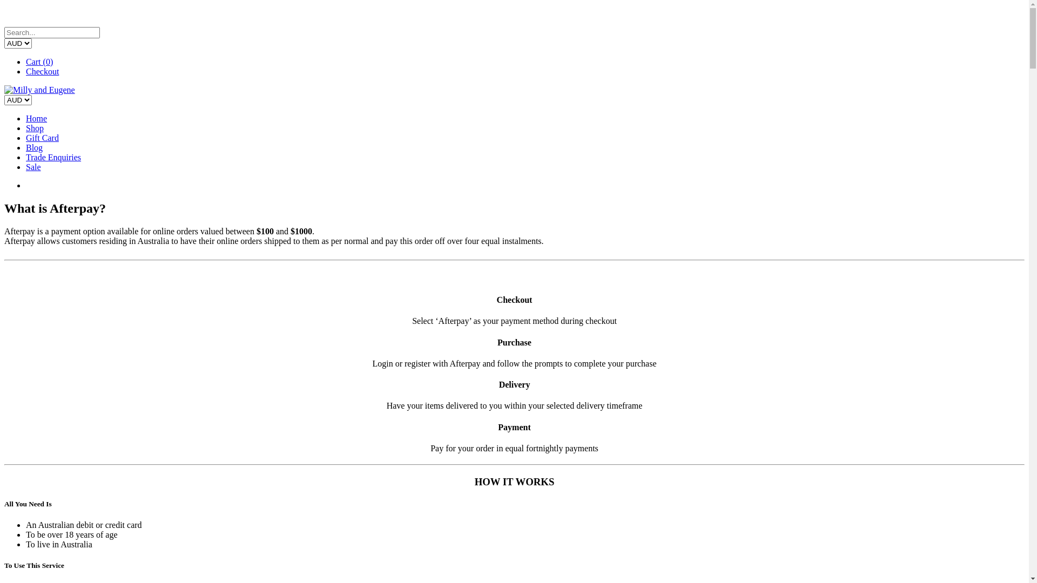 This screenshot has width=1037, height=583. Describe the element at coordinates (39, 89) in the screenshot. I see `'Milly and Eugene'` at that location.